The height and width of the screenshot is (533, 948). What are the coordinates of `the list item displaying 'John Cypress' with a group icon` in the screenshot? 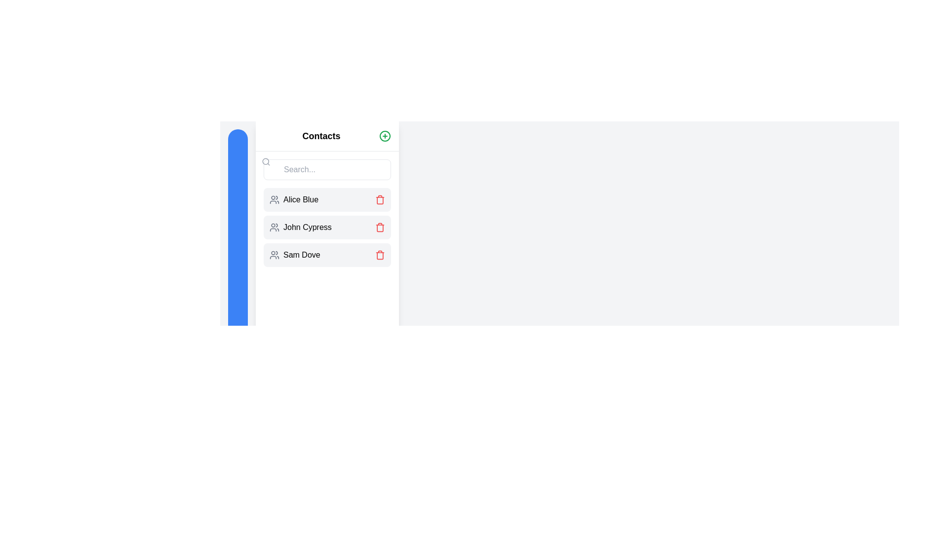 It's located at (327, 228).